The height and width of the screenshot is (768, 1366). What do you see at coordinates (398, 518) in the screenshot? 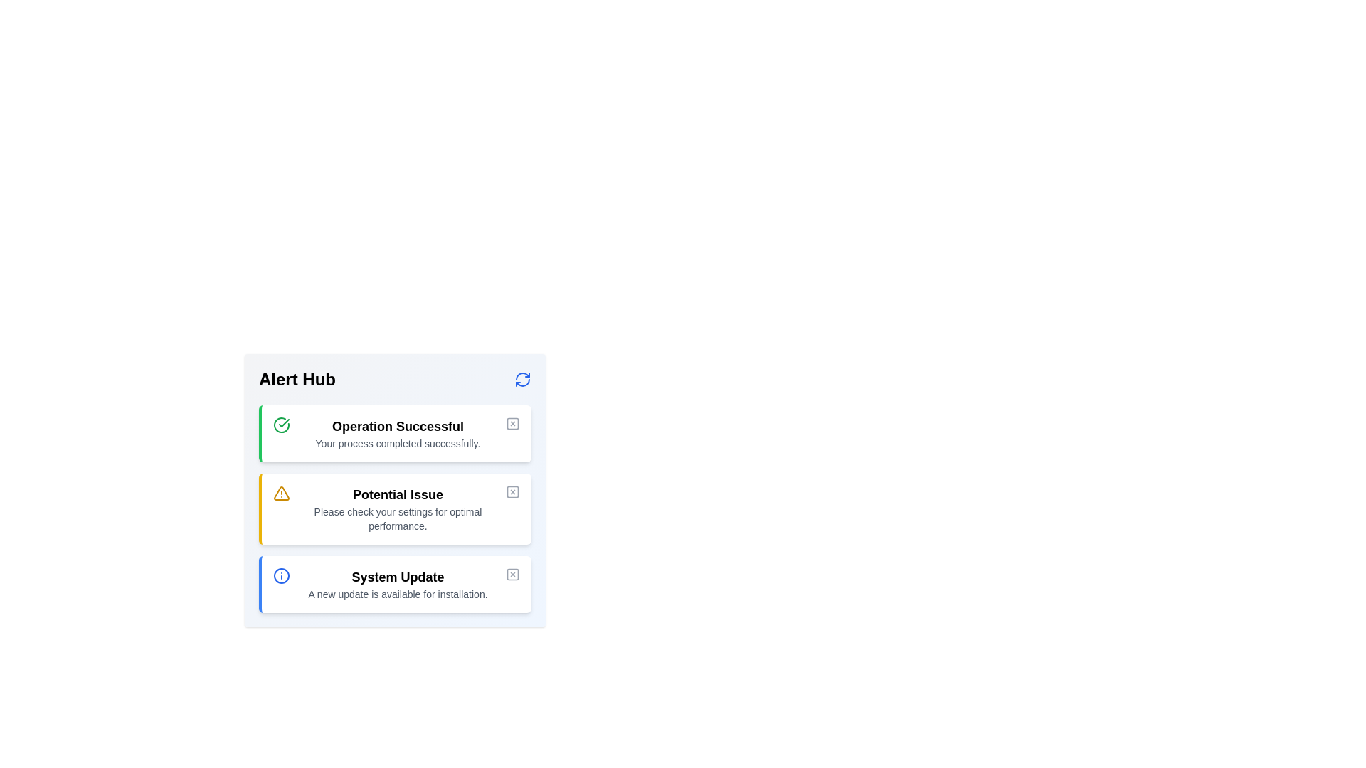
I see `the static text stating 'Please check your settings for optimal performance.' which is gray and centered in the notification card labeled 'Potential Issue.'` at bounding box center [398, 518].